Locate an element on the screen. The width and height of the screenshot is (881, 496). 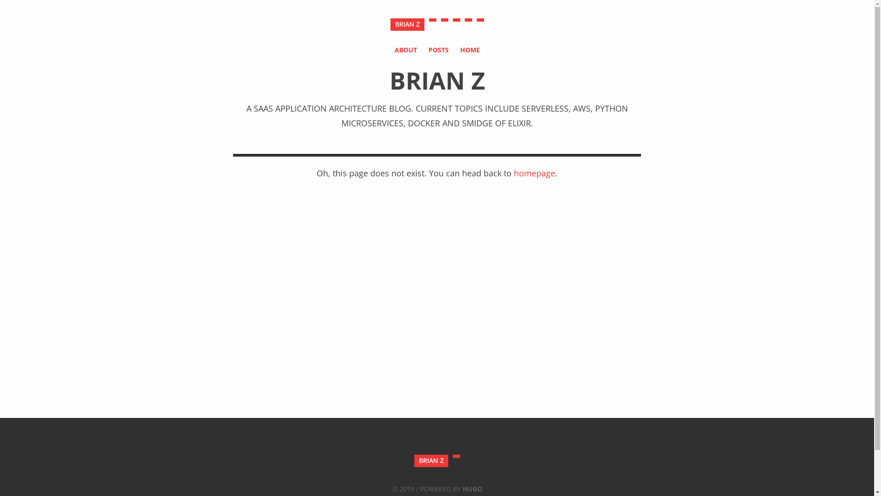
'Twitter' is located at coordinates (444, 20).